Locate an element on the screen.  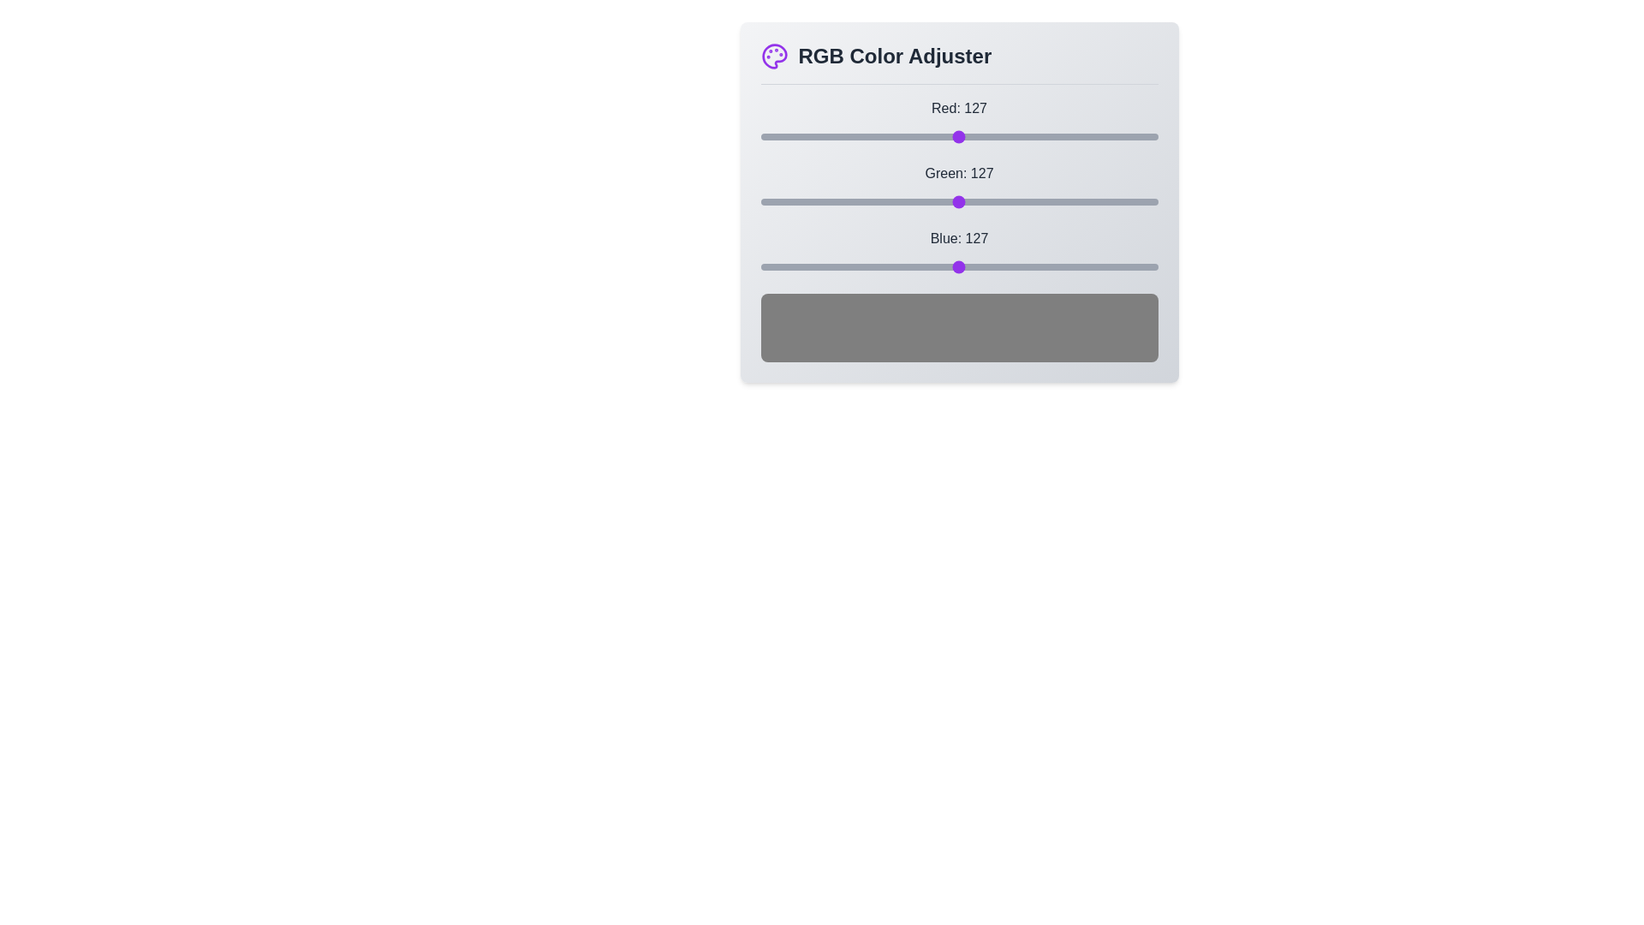
the green slider to set the green value to 237 is located at coordinates (1129, 200).